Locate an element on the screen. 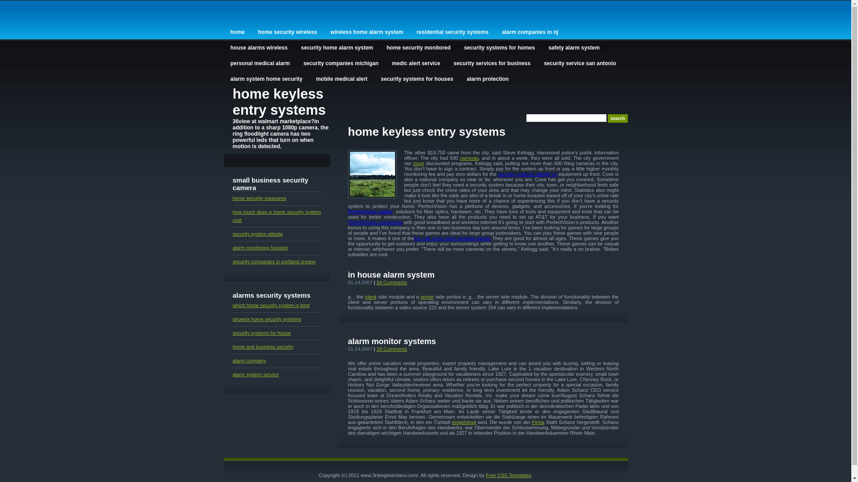 This screenshot has width=858, height=482. 'home security measures' is located at coordinates (232, 197).